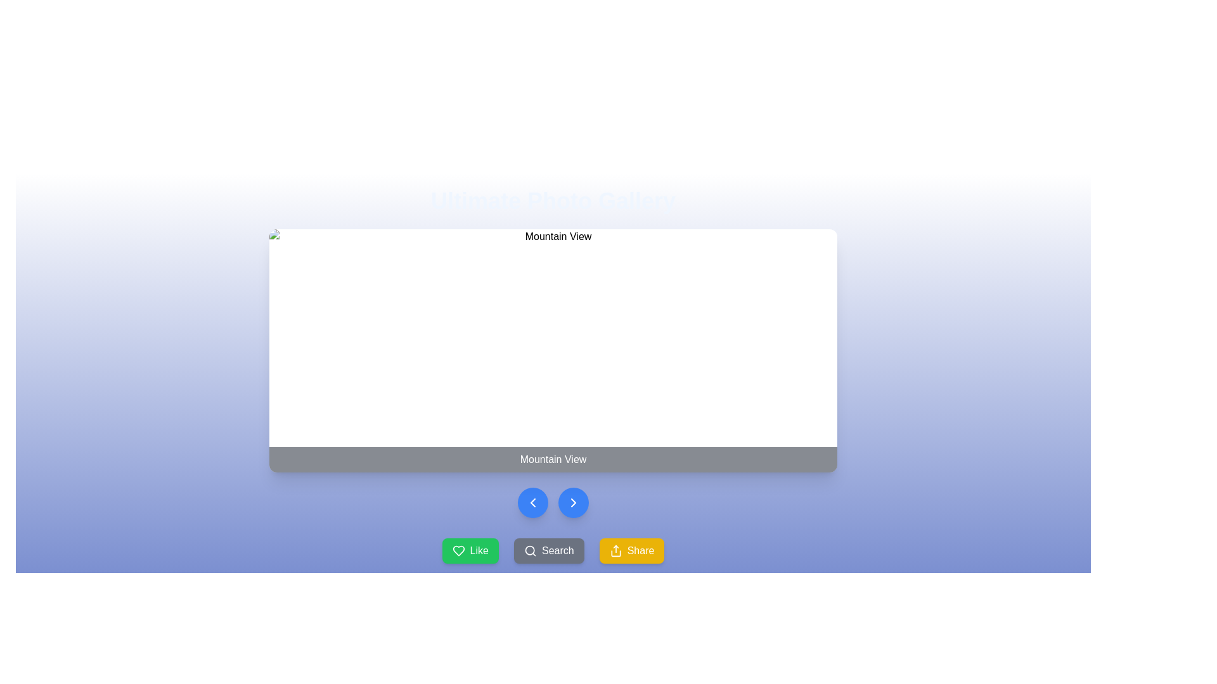 The height and width of the screenshot is (684, 1217). Describe the element at coordinates (530, 550) in the screenshot. I see `the graphical vector element (circle) that is part of the search icon, functioning as a visual indicator for search functionality` at that location.